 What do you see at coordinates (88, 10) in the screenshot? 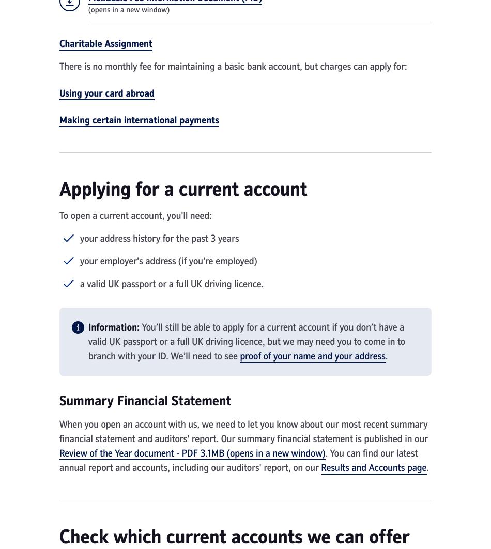
I see `'(opens in a new window)'` at bounding box center [88, 10].